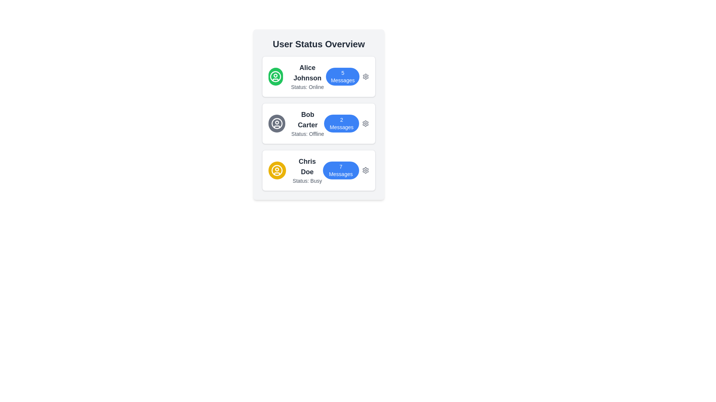 This screenshot has width=716, height=402. Describe the element at coordinates (366, 76) in the screenshot. I see `the cogwheel icon button located to the right of the blue '5 Messages' button` at that location.